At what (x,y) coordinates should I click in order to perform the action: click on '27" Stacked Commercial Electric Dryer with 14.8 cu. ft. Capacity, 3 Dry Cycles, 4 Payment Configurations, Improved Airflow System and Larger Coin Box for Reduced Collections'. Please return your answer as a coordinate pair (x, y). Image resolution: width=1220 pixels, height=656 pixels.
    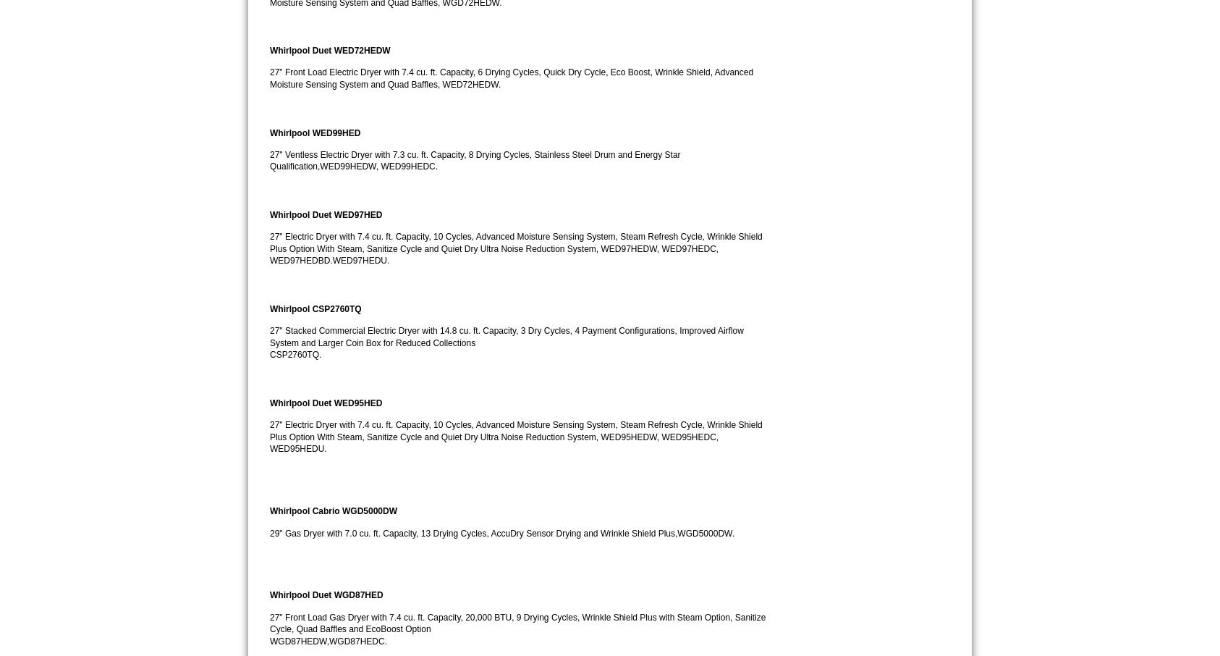
    Looking at the image, I should click on (507, 335).